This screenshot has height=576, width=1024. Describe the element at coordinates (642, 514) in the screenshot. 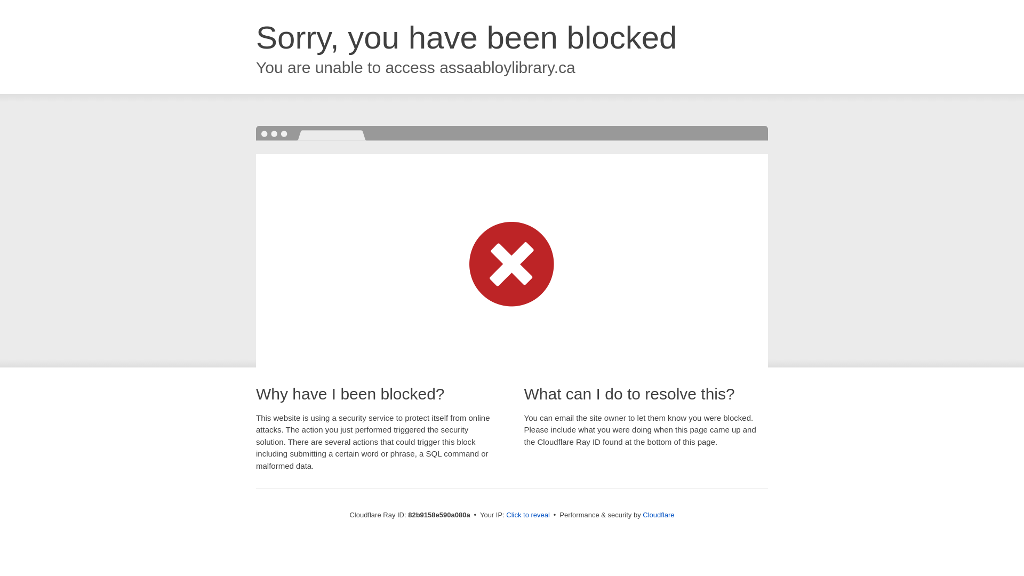

I see `'Cloudflare'` at that location.